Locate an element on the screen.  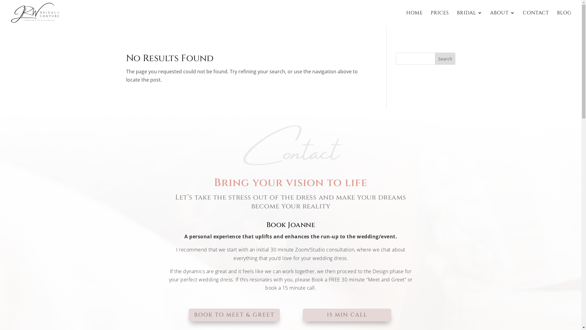
'BRIDAL' is located at coordinates (469, 18).